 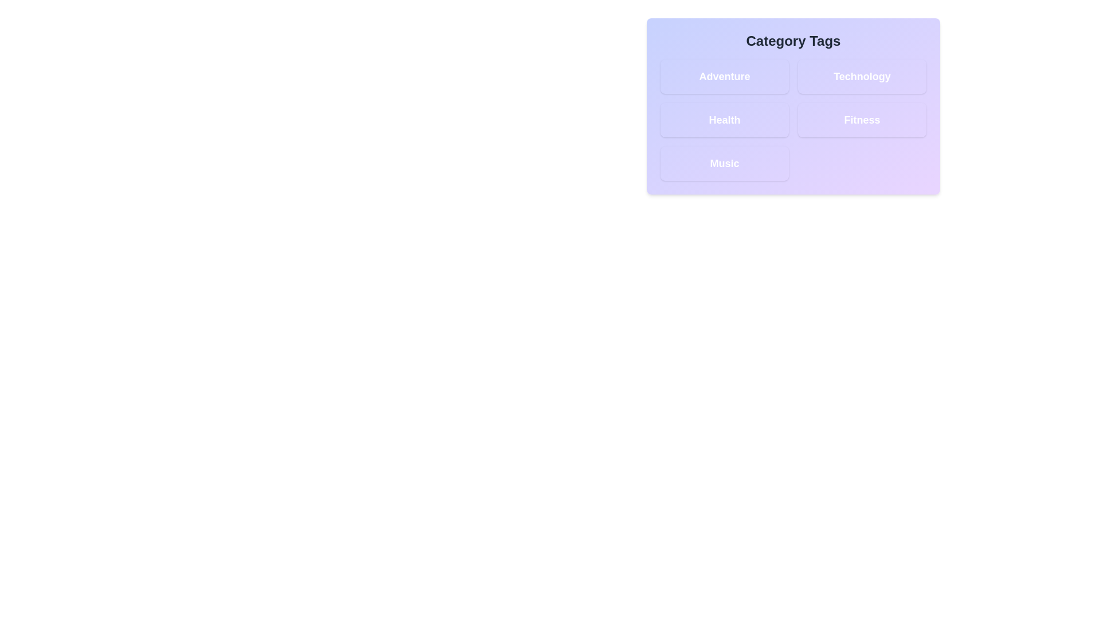 I want to click on the tag labeled Fitness to toggle its active state, so click(x=862, y=120).